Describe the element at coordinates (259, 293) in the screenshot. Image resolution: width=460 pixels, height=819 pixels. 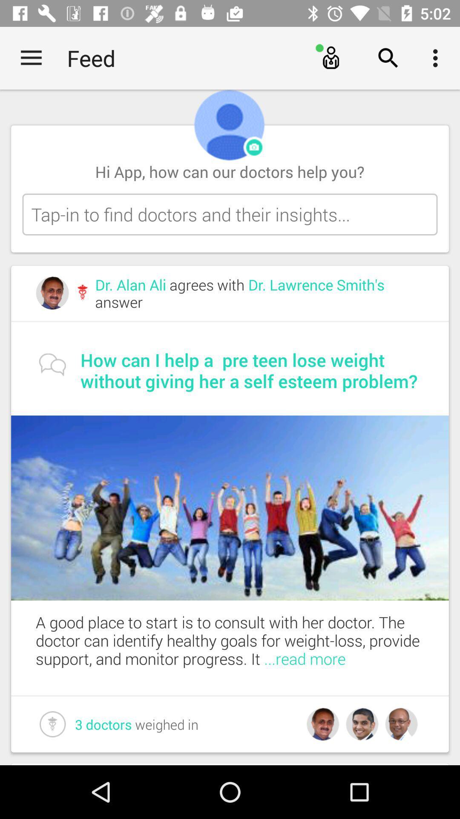
I see `dr alan ali` at that location.